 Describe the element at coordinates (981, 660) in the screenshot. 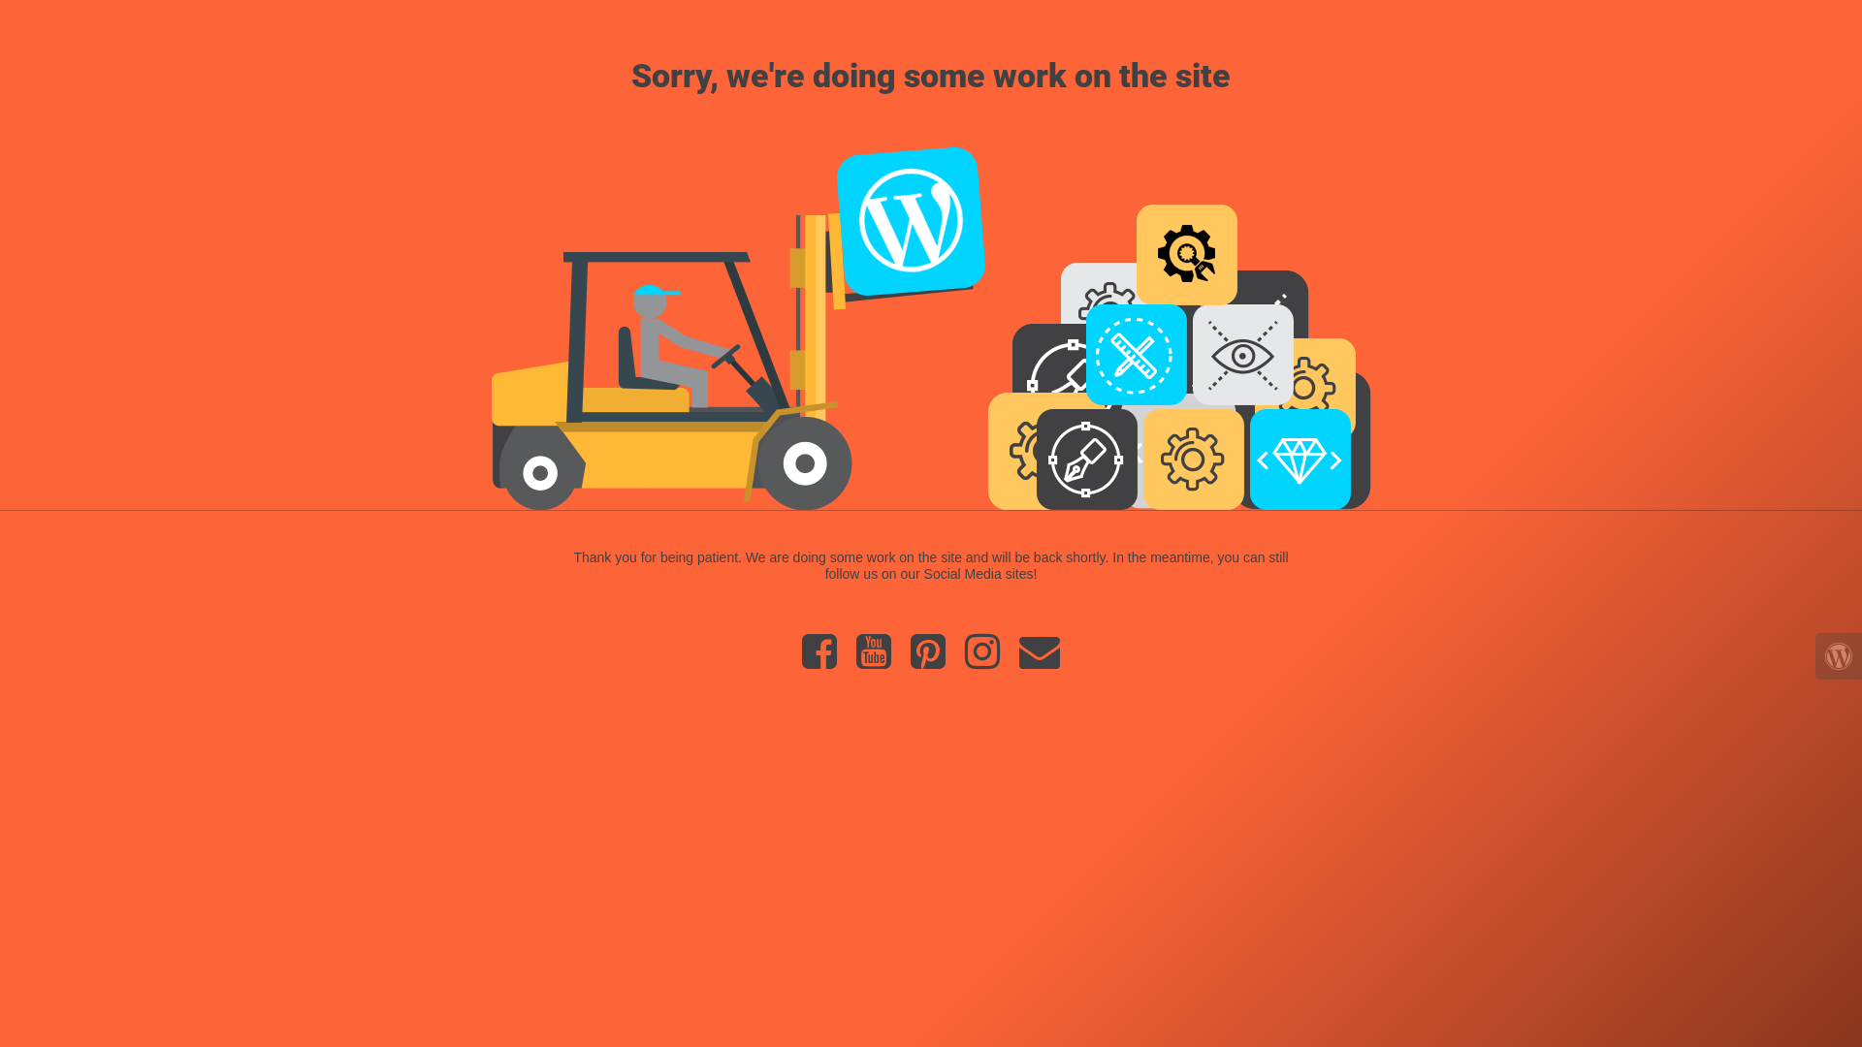

I see `'Instagram'` at that location.